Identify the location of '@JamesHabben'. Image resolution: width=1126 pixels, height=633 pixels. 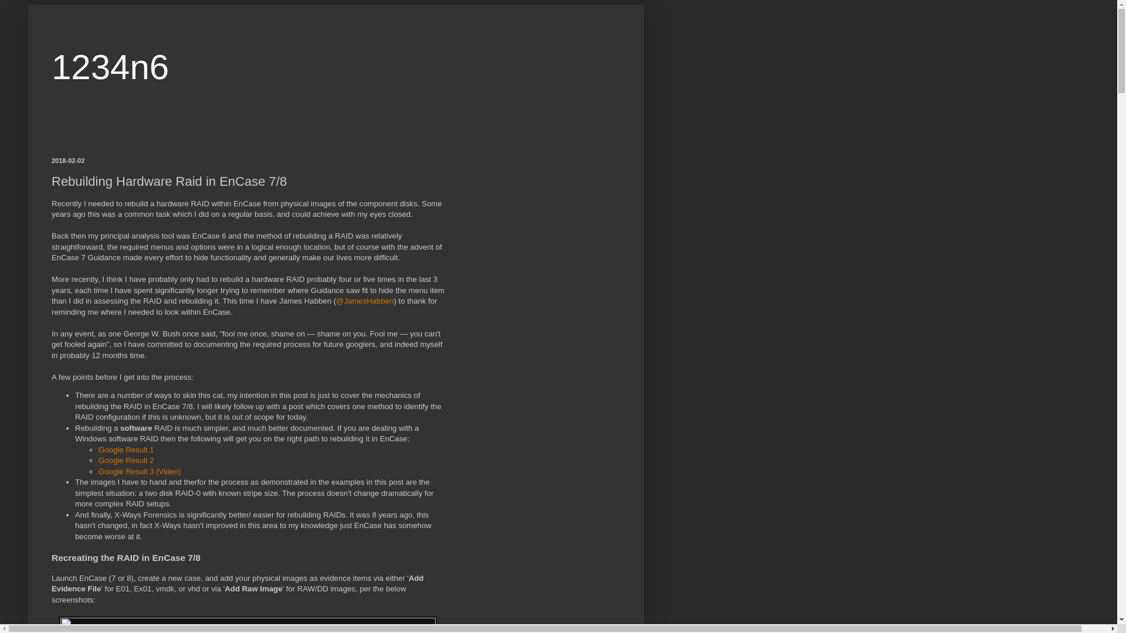
(364, 300).